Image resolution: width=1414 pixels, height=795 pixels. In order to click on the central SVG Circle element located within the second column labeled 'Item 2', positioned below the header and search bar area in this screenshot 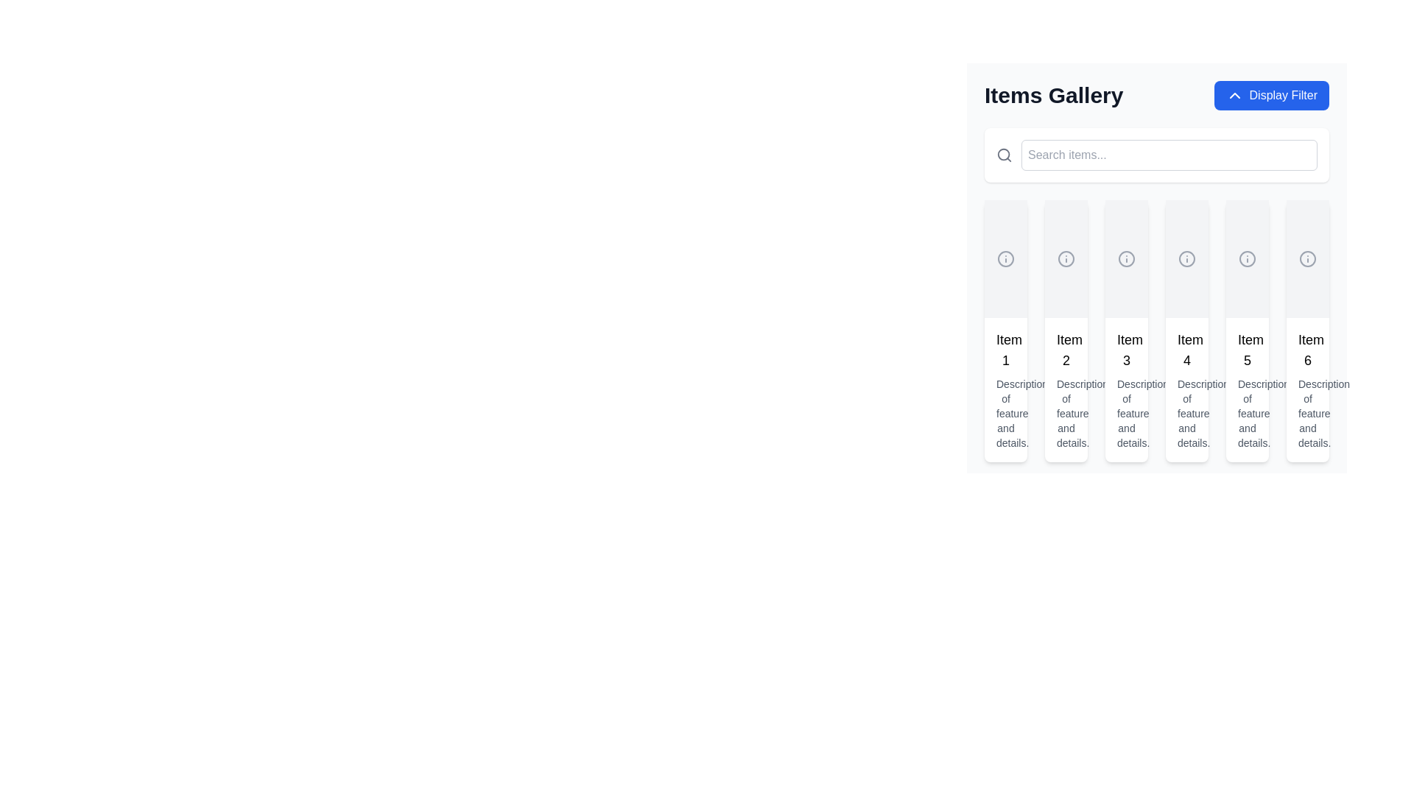, I will do `click(1066, 258)`.